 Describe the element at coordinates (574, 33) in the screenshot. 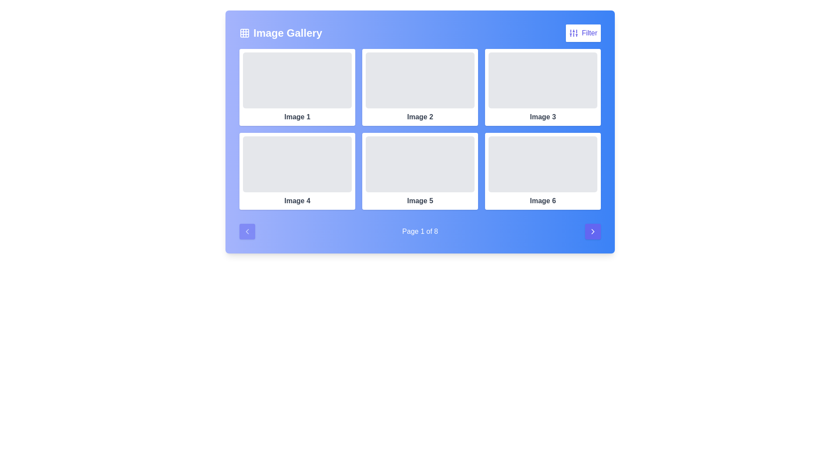

I see `the filter icon button resembling vertical sliders` at that location.